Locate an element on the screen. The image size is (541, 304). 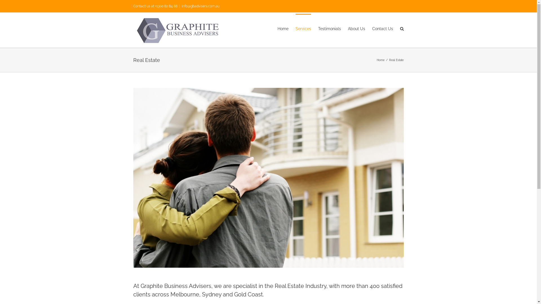
'About Us' is located at coordinates (356, 28).